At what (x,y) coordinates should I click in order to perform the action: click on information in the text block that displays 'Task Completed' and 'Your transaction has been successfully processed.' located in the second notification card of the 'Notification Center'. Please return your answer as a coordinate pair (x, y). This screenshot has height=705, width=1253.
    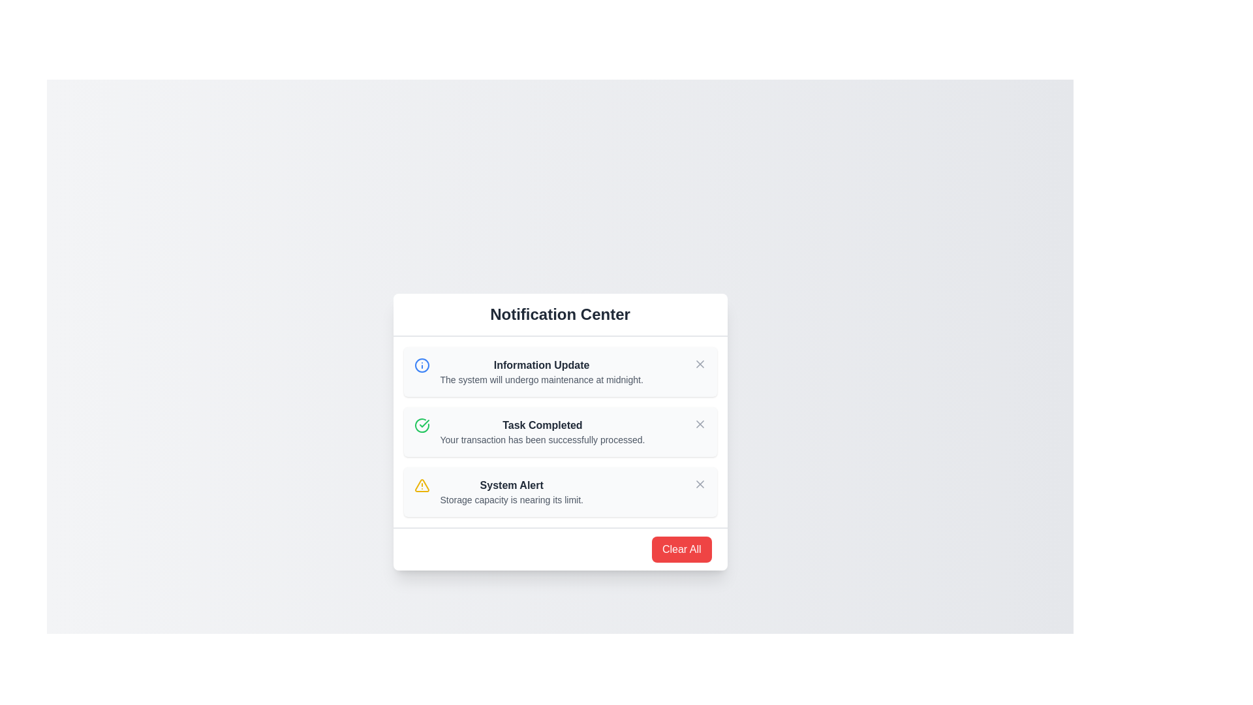
    Looking at the image, I should click on (542, 432).